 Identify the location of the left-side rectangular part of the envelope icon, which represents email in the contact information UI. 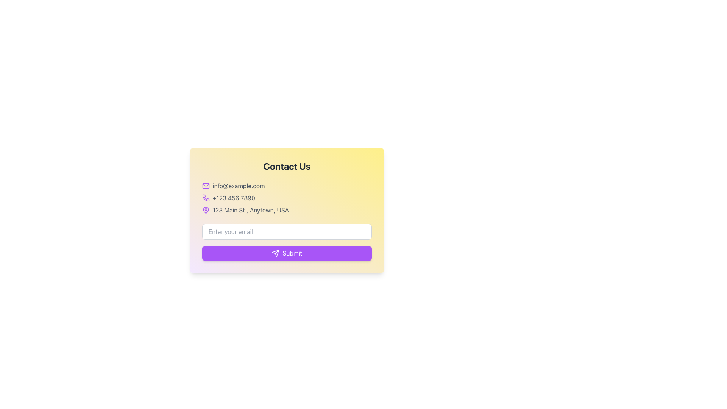
(206, 186).